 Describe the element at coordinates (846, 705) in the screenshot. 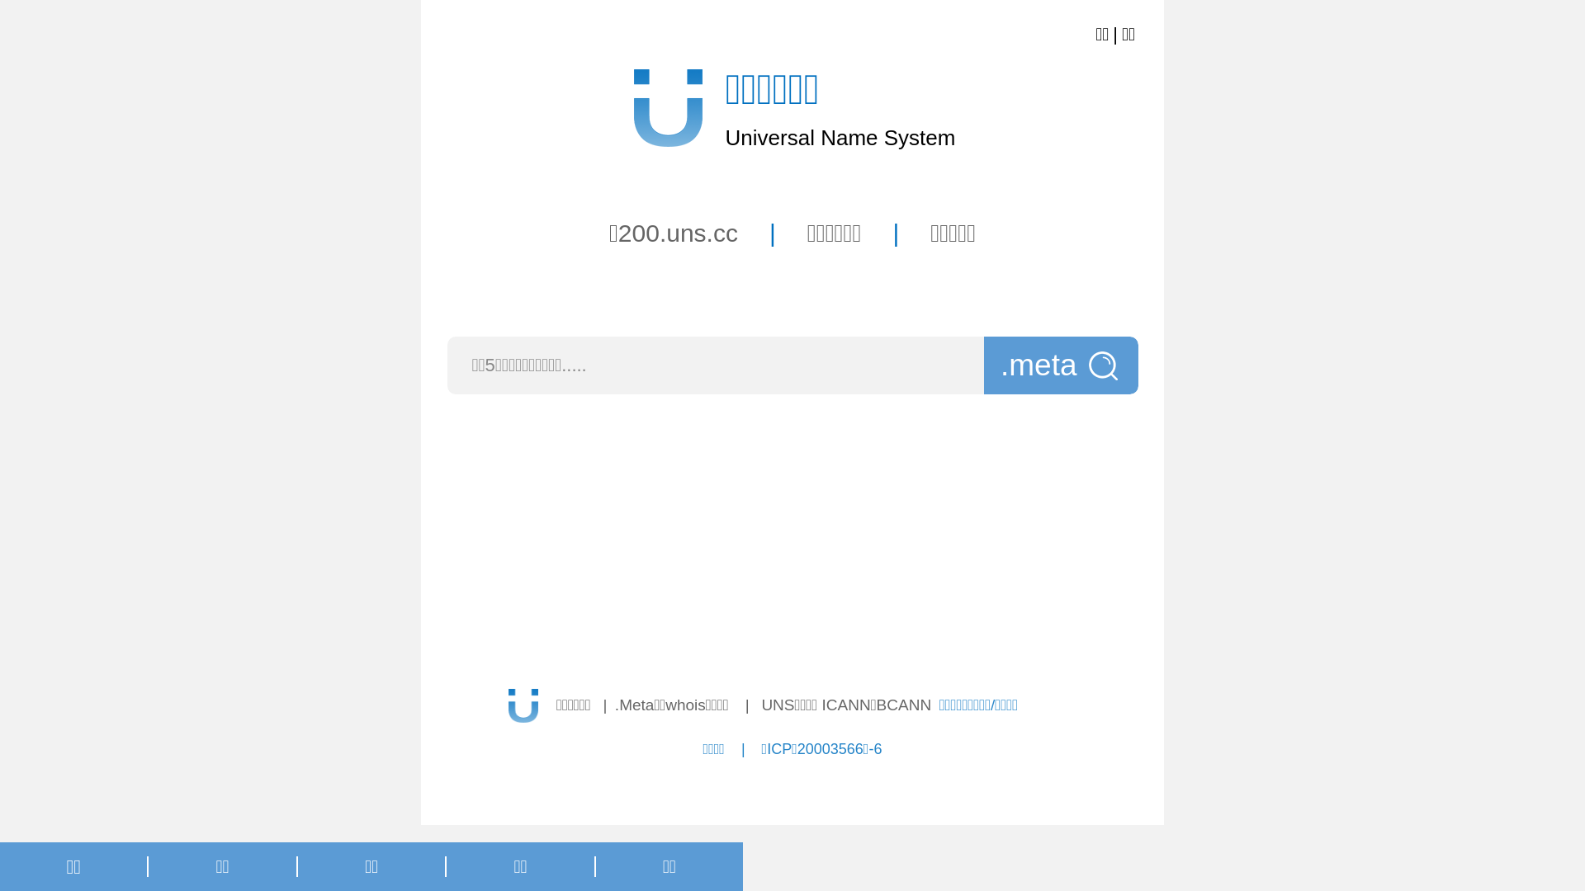

I see `'ICANN'` at that location.